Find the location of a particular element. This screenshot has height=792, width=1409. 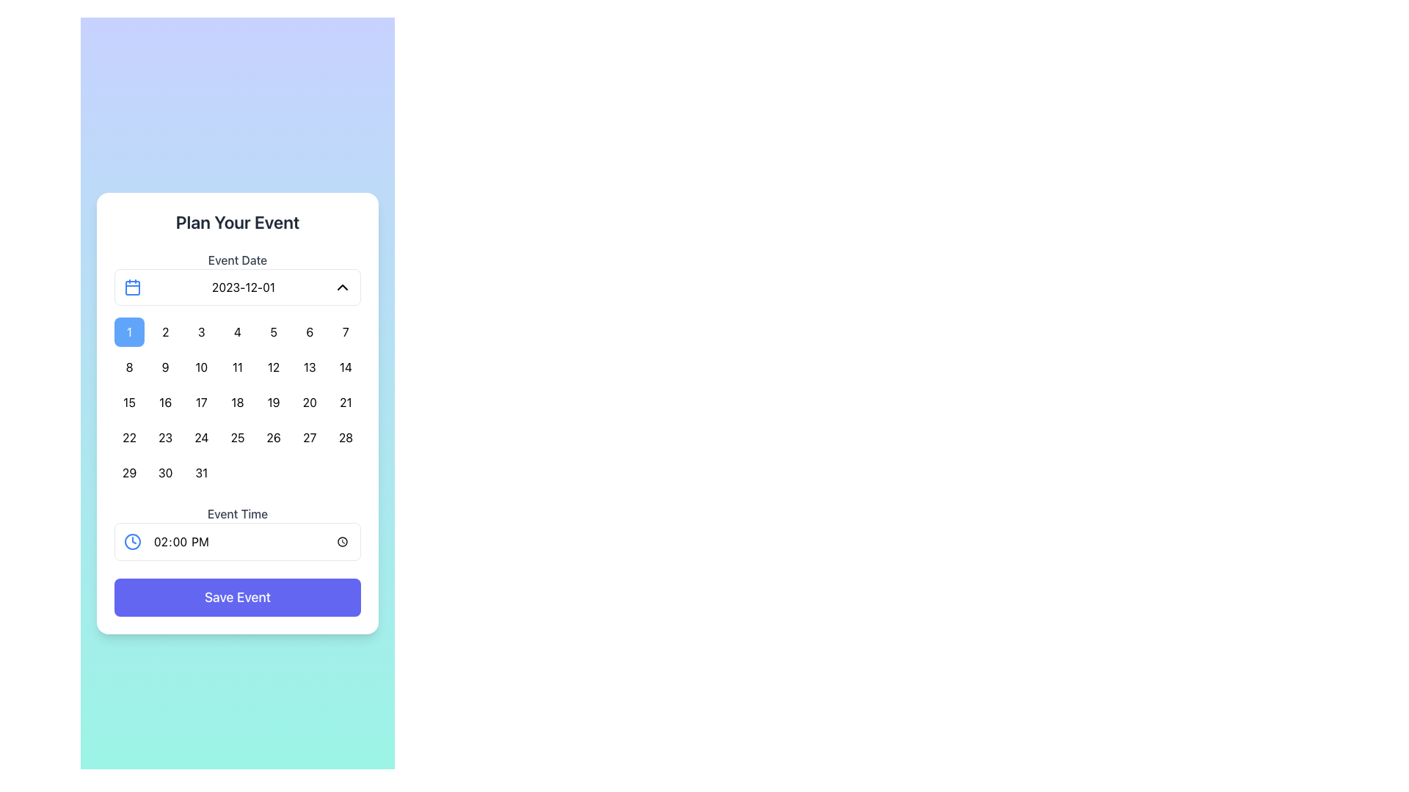

the calendar button representing the date '5' is located at coordinates (274, 331).